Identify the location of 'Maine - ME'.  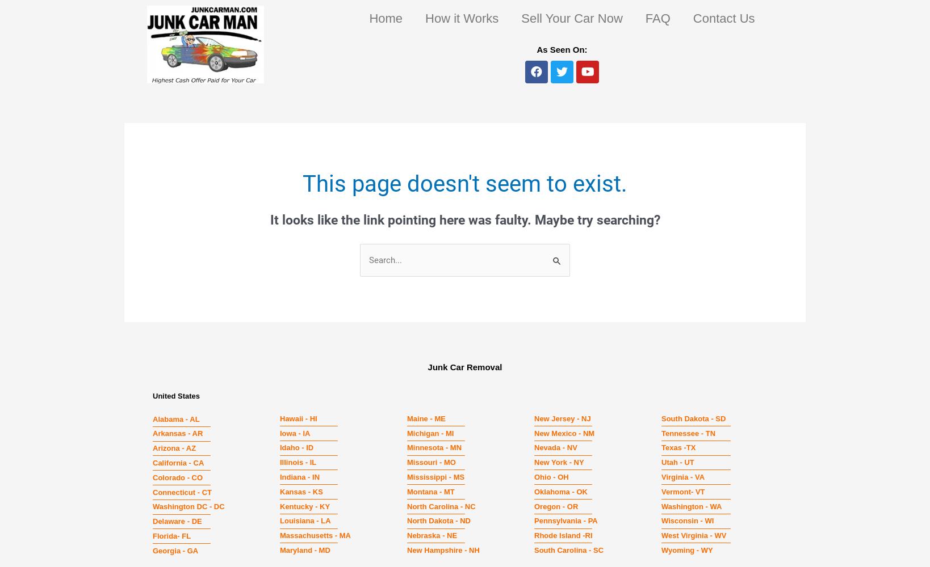
(425, 417).